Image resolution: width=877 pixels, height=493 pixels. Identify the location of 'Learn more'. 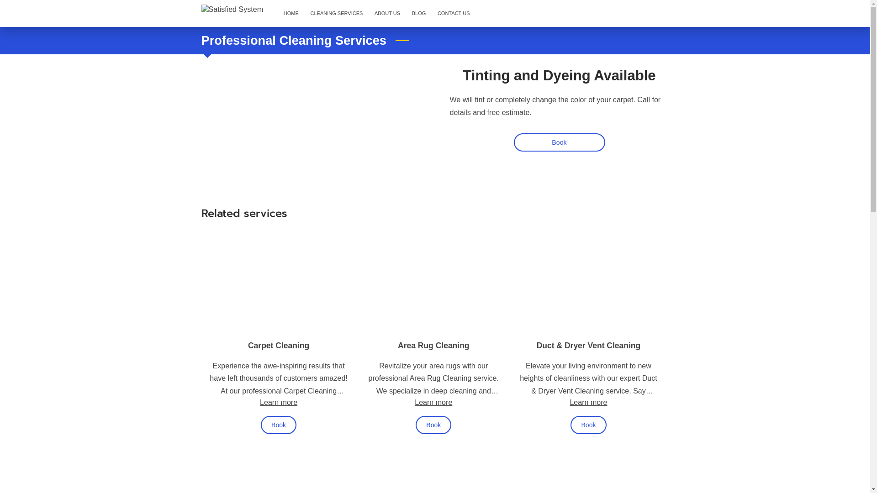
(414, 401).